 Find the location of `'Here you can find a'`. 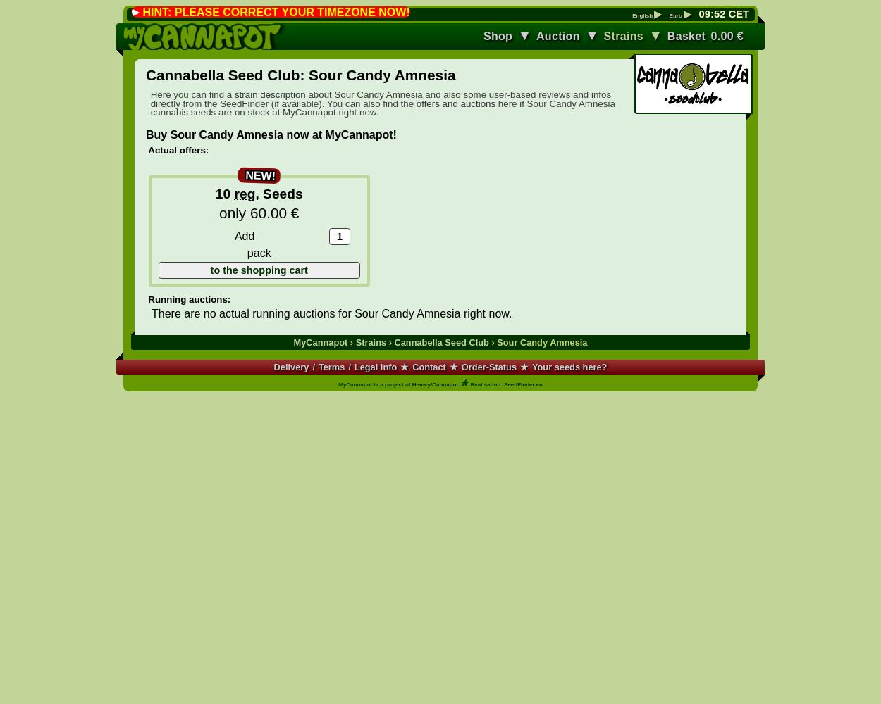

'Here you can find a' is located at coordinates (192, 94).